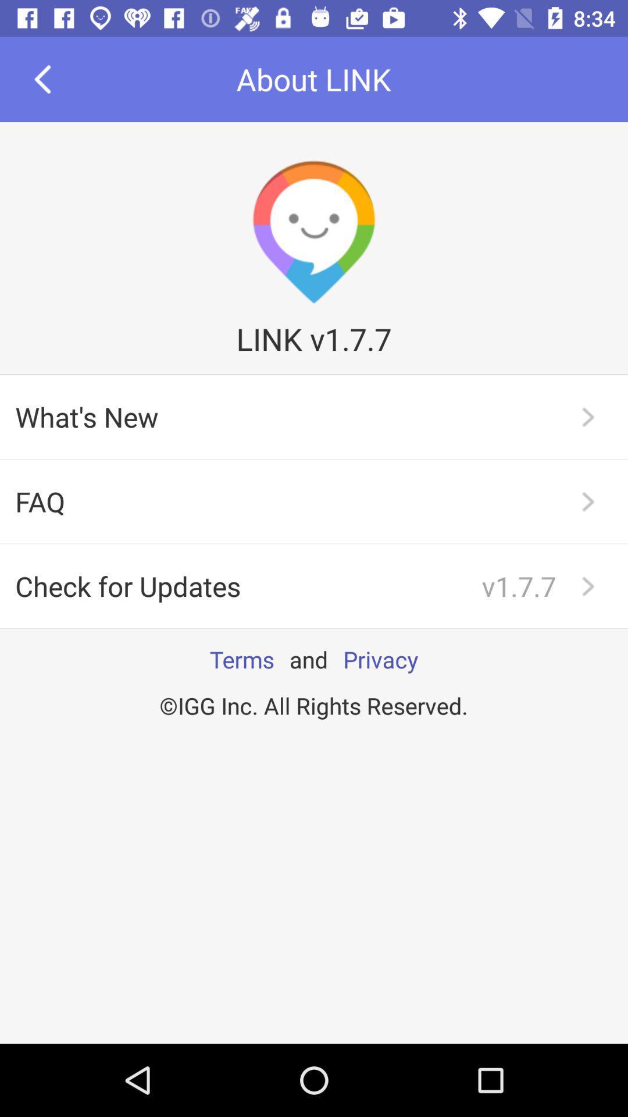 The image size is (628, 1117). I want to click on the what's new app, so click(314, 417).